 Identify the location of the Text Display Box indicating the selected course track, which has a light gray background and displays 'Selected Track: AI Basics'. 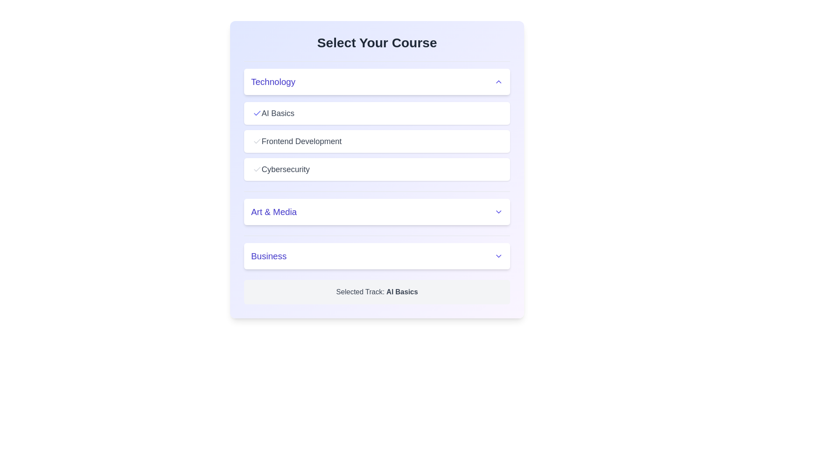
(377, 292).